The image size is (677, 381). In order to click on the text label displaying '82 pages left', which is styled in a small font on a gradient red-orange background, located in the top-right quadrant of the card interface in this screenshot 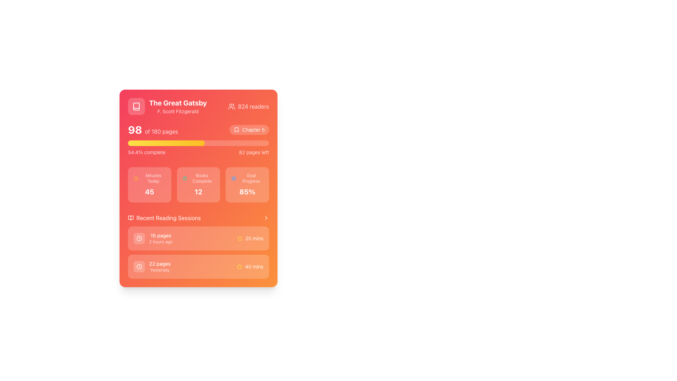, I will do `click(254, 152)`.